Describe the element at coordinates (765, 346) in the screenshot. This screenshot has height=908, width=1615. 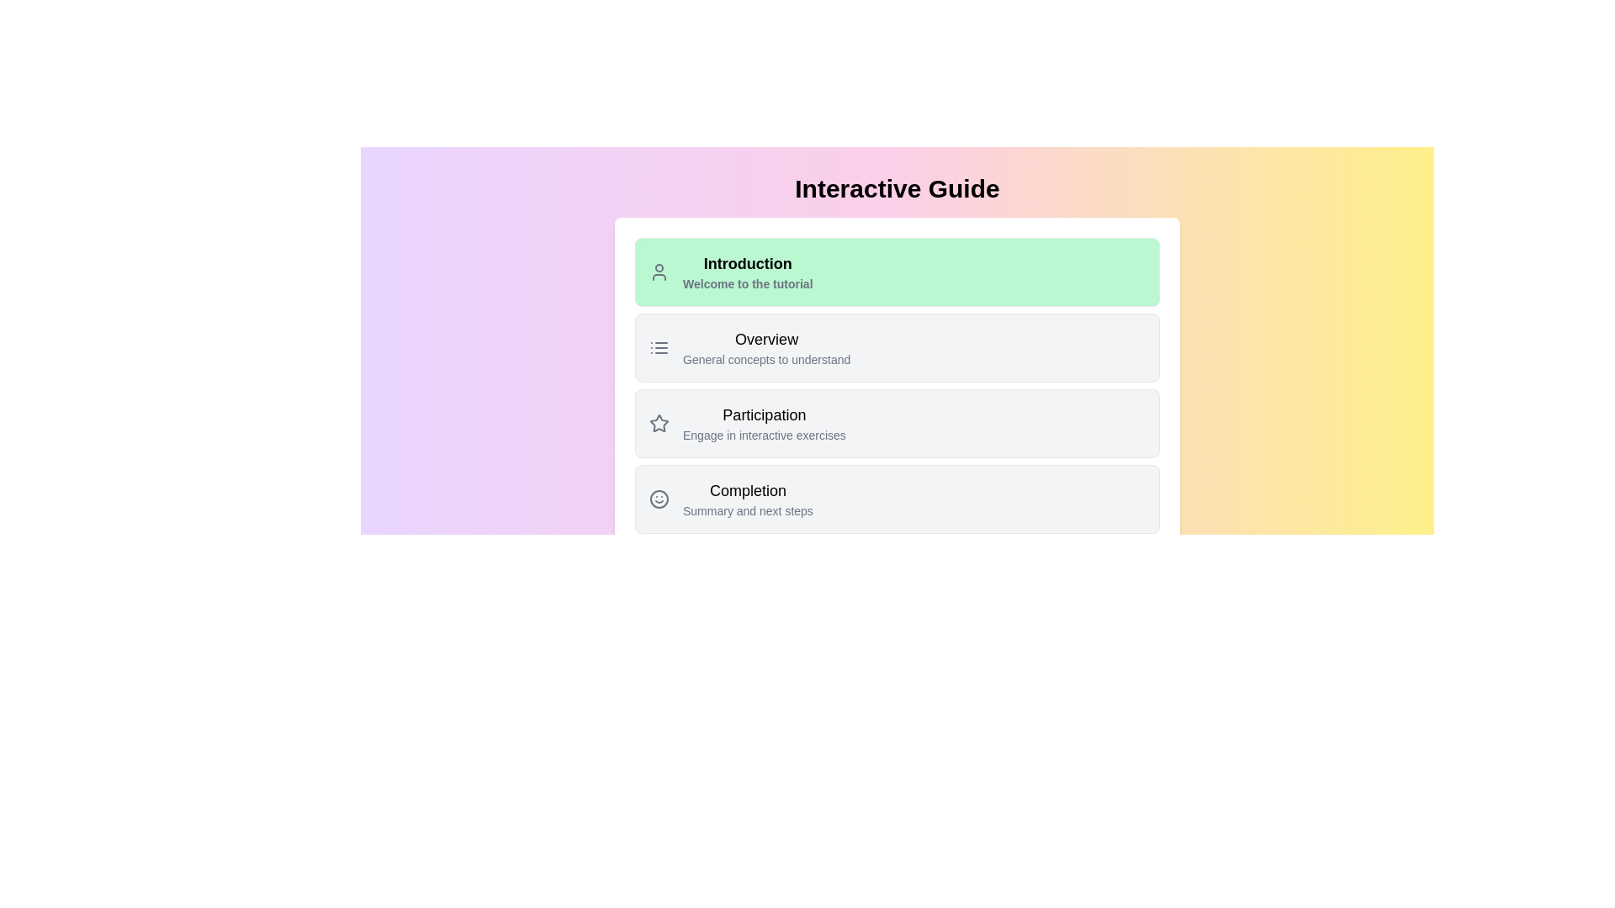
I see `the 'Overview' label which contains the title and description, located in the second row of the list, for interaction` at that location.